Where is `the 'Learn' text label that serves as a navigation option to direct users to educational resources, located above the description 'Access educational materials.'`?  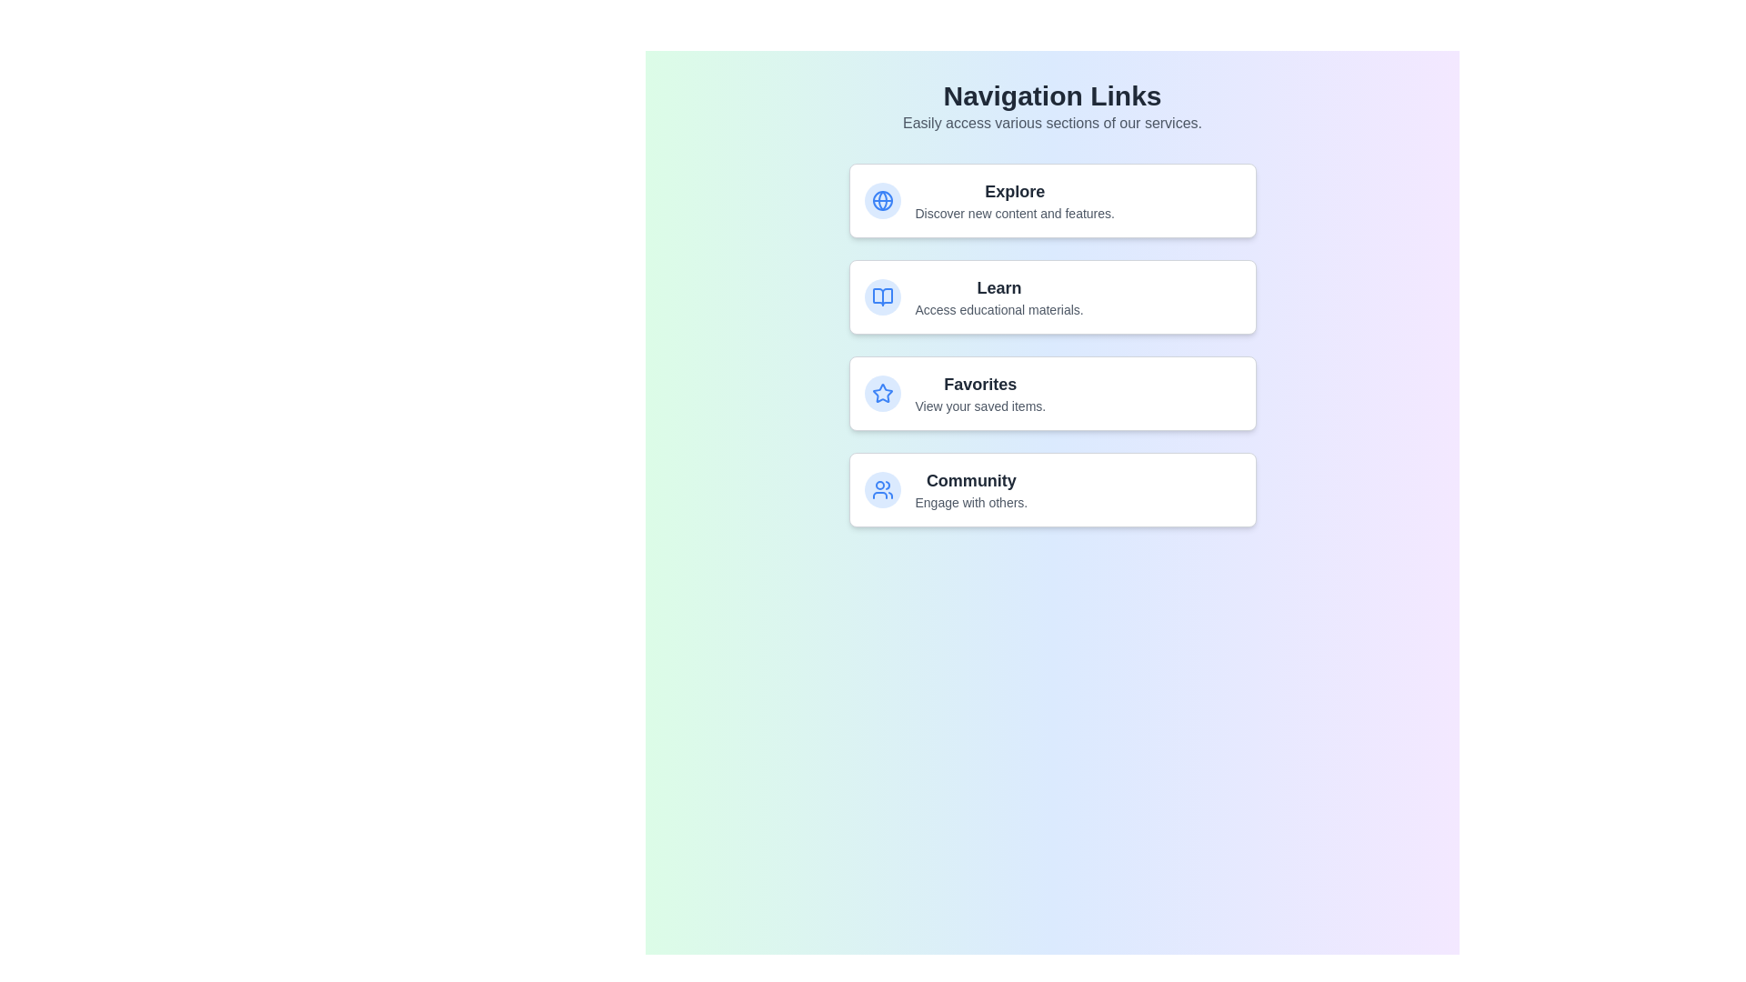
the 'Learn' text label that serves as a navigation option to direct users to educational resources, located above the description 'Access educational materials.' is located at coordinates (998, 286).